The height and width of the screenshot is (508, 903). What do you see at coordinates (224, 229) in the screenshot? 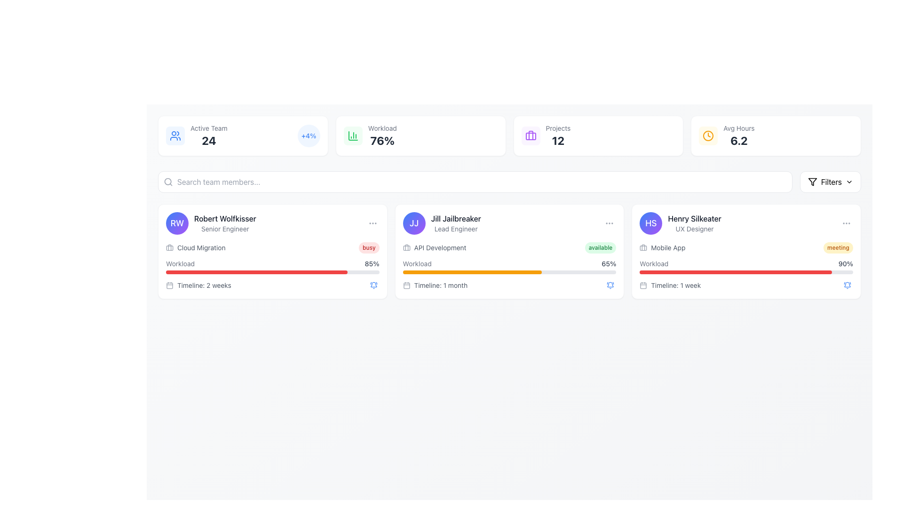
I see `text label that describes the role or title associated with 'Robert Wolfkisser', located directly below his name in the top-left card of the main content area` at bounding box center [224, 229].